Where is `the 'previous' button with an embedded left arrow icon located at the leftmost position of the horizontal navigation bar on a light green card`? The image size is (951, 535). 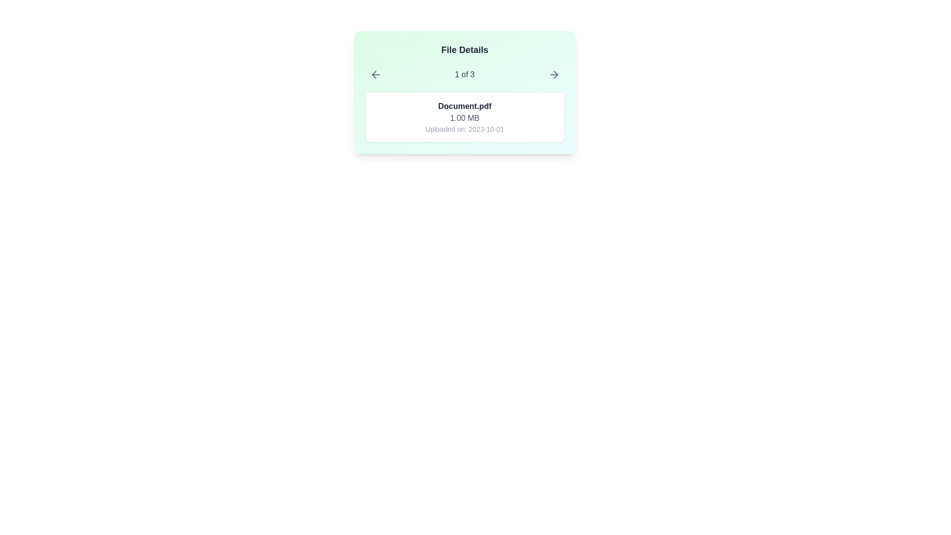
the 'previous' button with an embedded left arrow icon located at the leftmost position of the horizontal navigation bar on a light green card is located at coordinates (375, 74).